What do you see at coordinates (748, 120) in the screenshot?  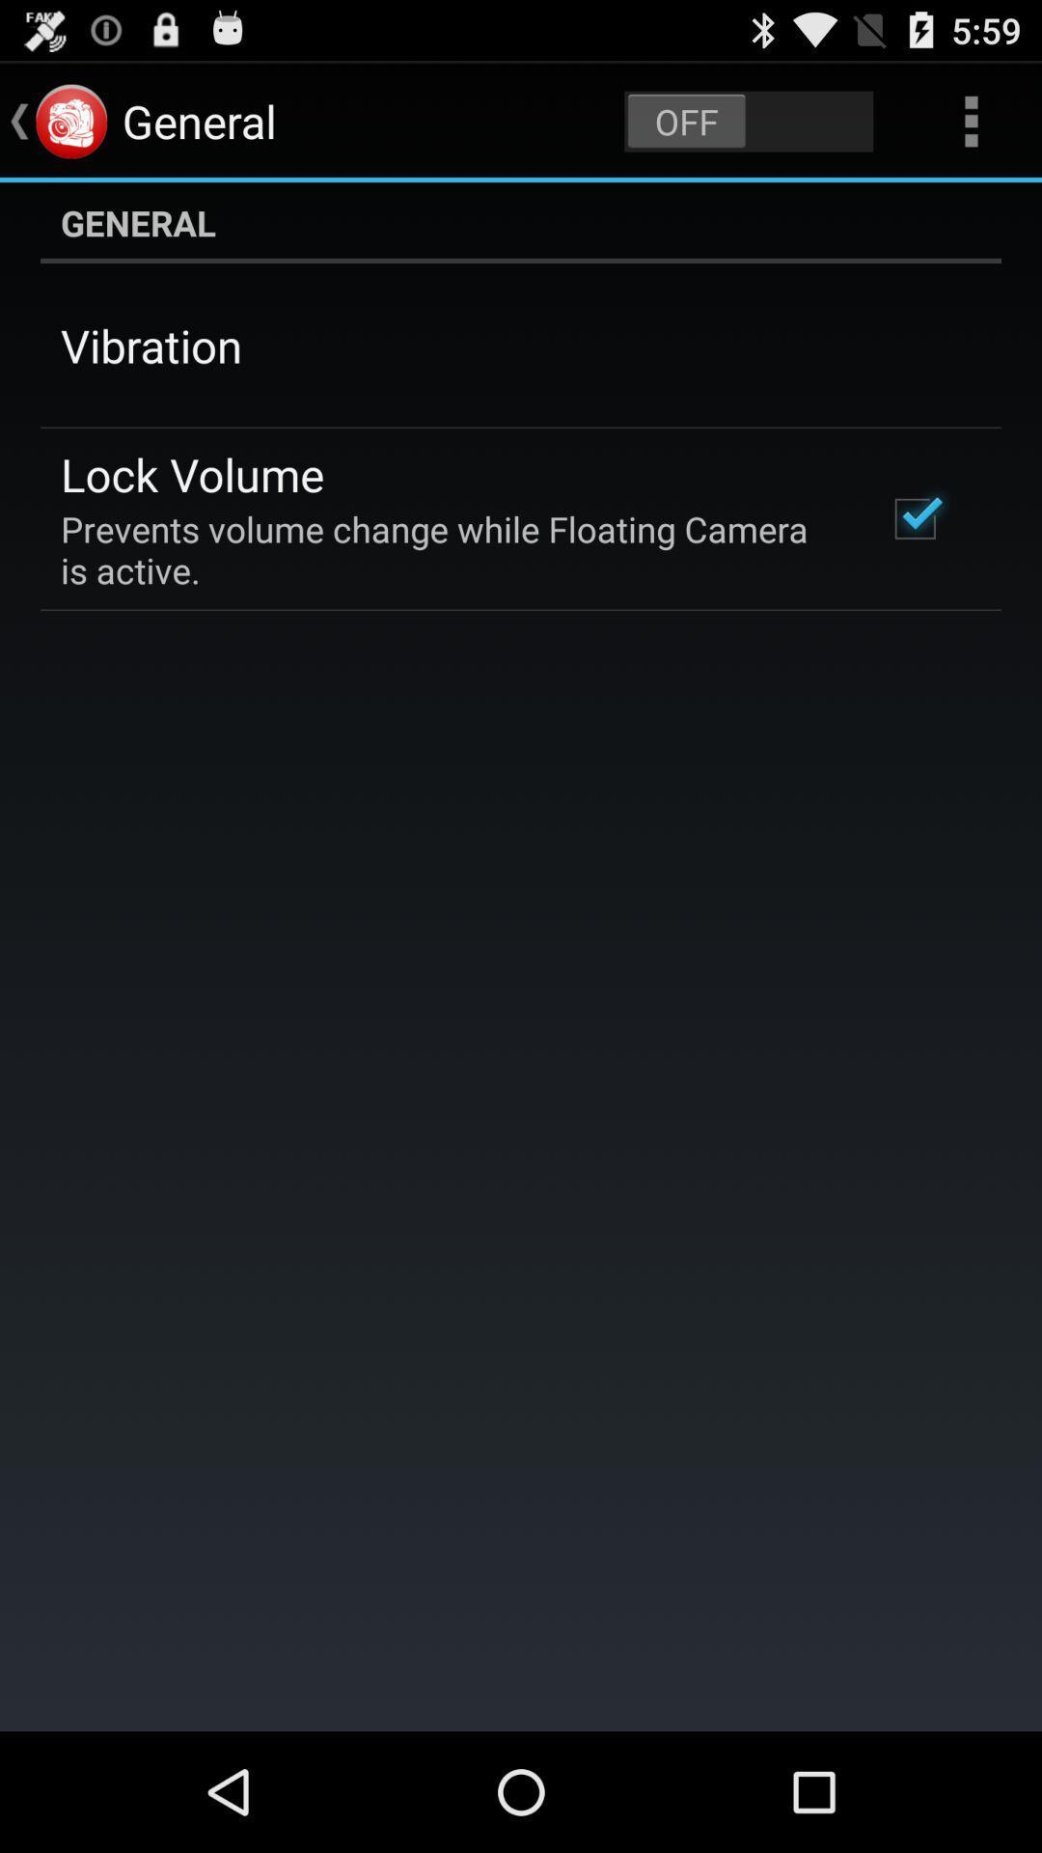 I see `turn off` at bounding box center [748, 120].